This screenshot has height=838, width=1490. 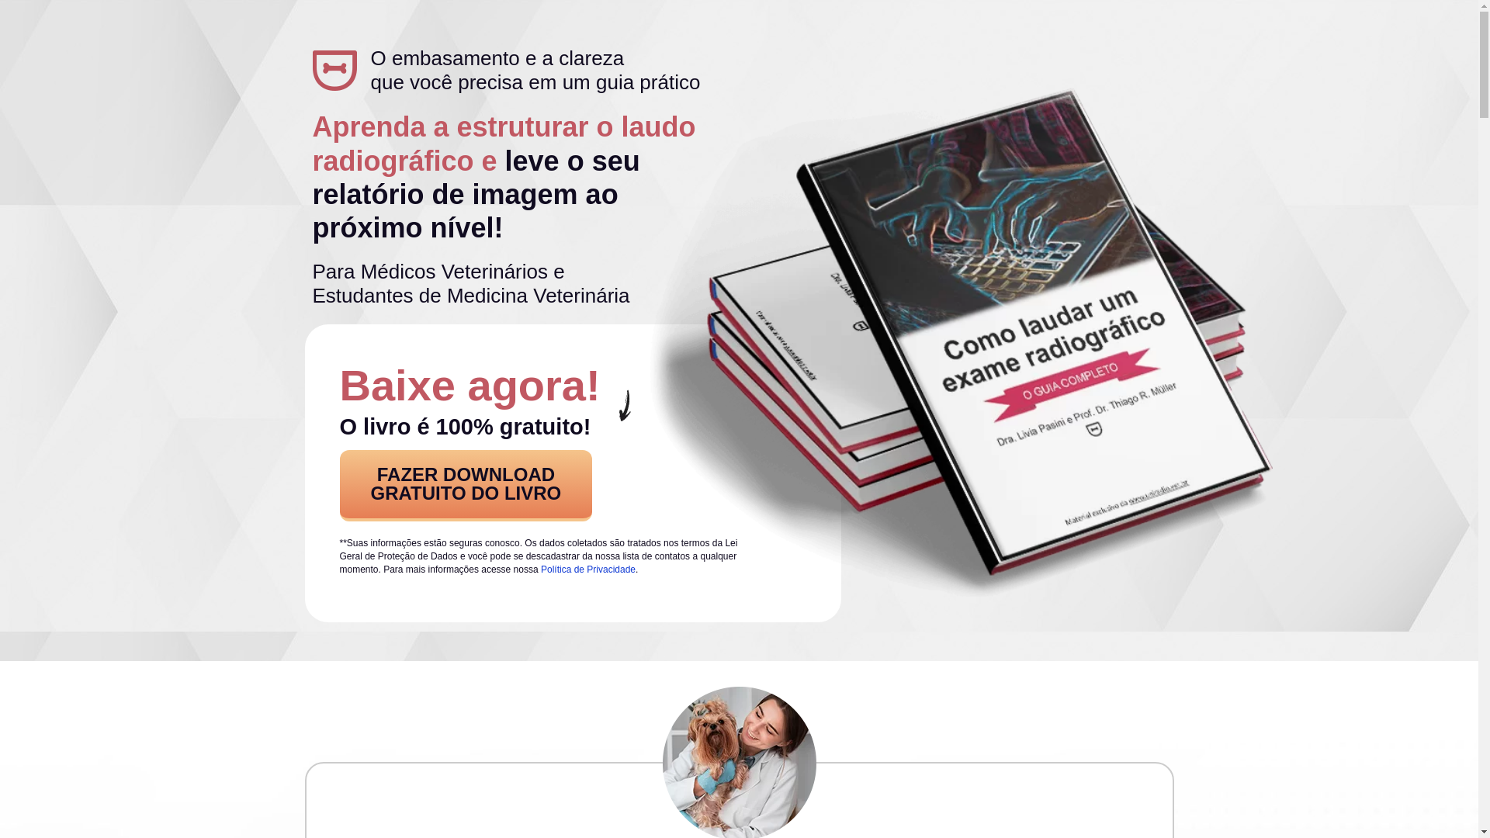 I want to click on 'FAZER DOWNLOAD, so click(x=465, y=484).